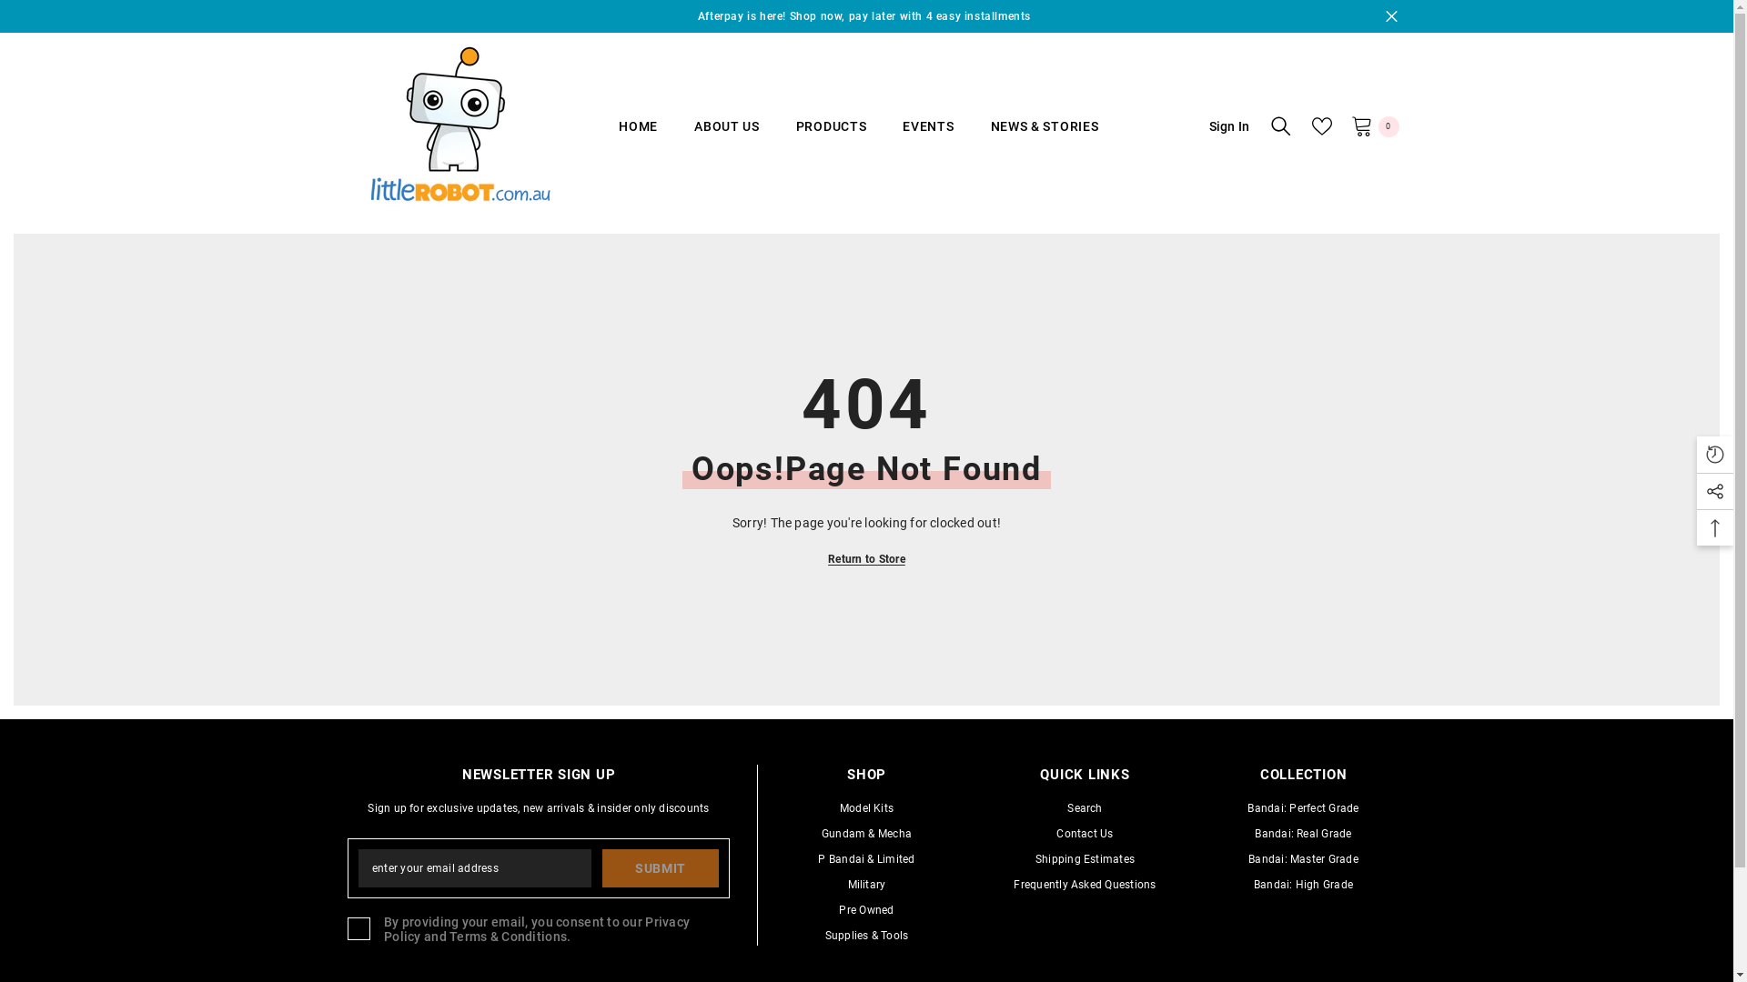 This screenshot has width=1747, height=982. Describe the element at coordinates (659, 867) in the screenshot. I see `'SUBMIT'` at that location.